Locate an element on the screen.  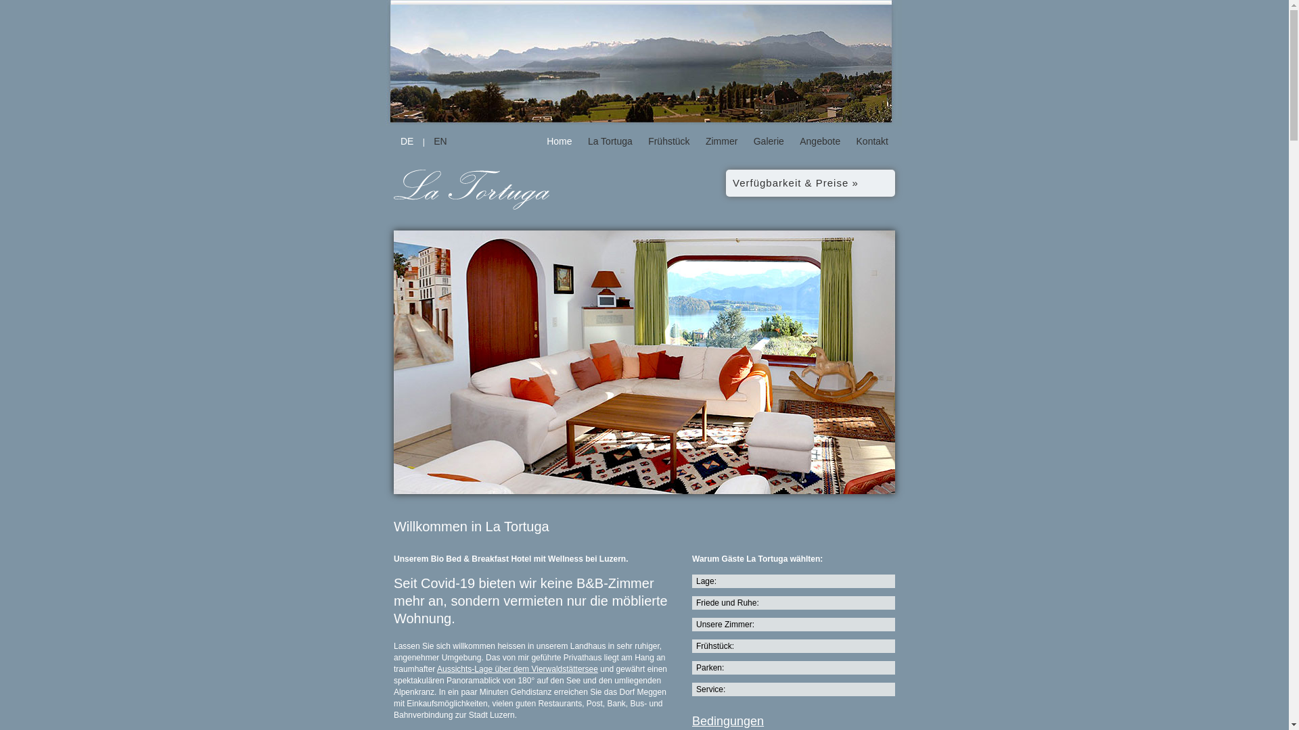
'Lage:' is located at coordinates (793, 581).